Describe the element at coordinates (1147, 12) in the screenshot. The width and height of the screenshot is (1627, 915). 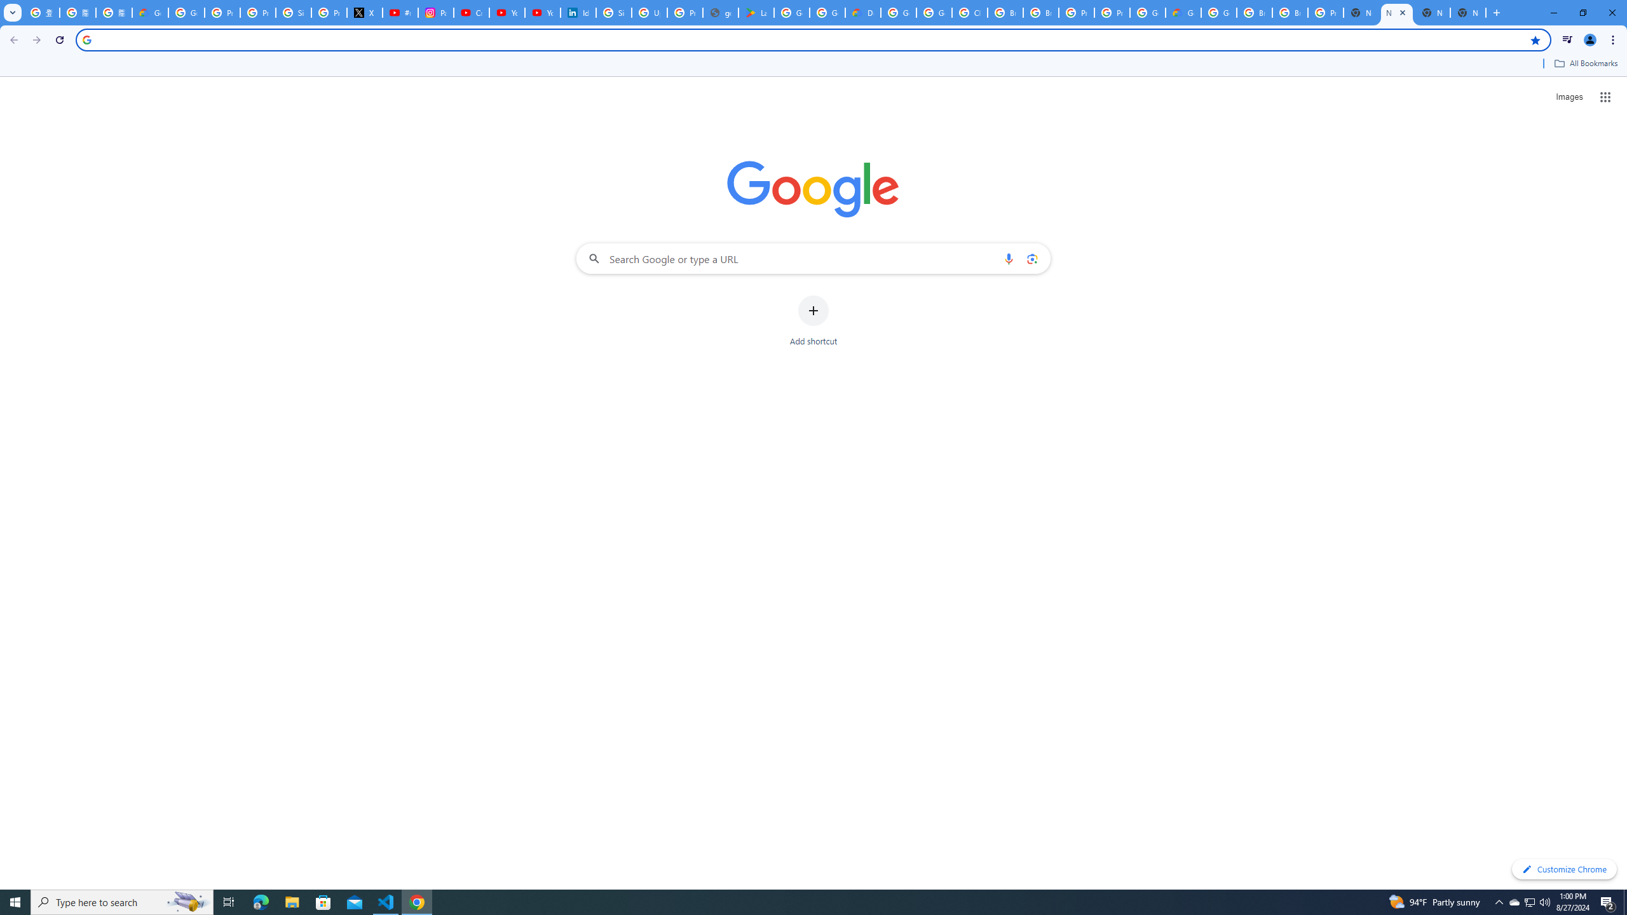
I see `'Google Cloud Platform'` at that location.